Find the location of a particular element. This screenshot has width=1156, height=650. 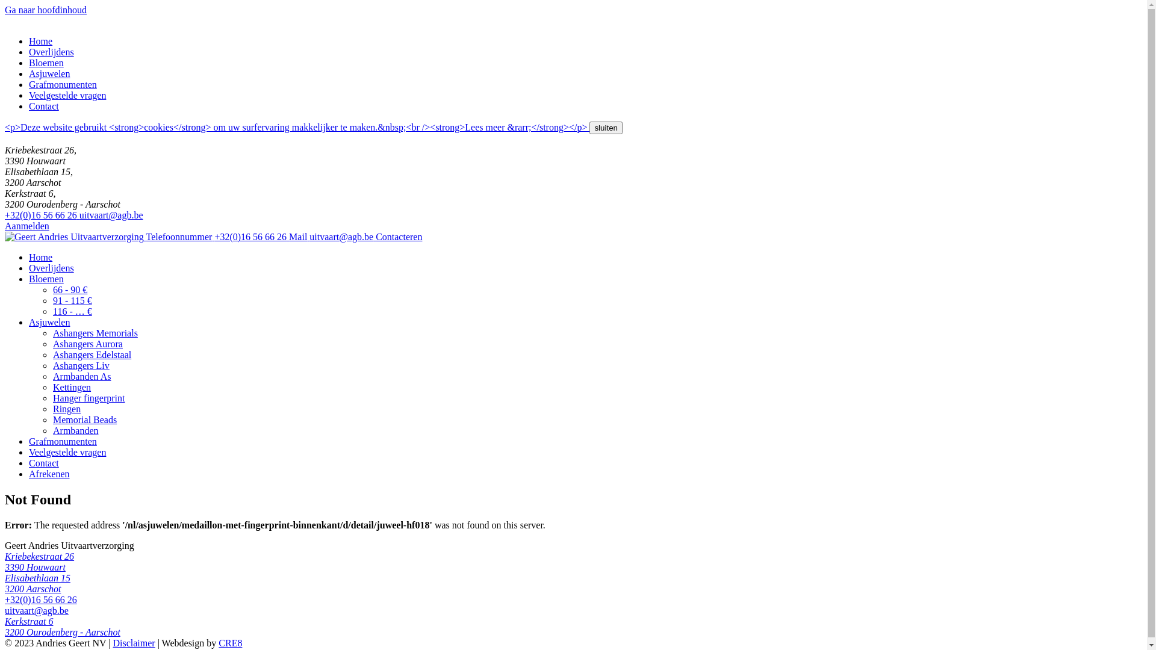

'Aanmelden' is located at coordinates (26, 226).